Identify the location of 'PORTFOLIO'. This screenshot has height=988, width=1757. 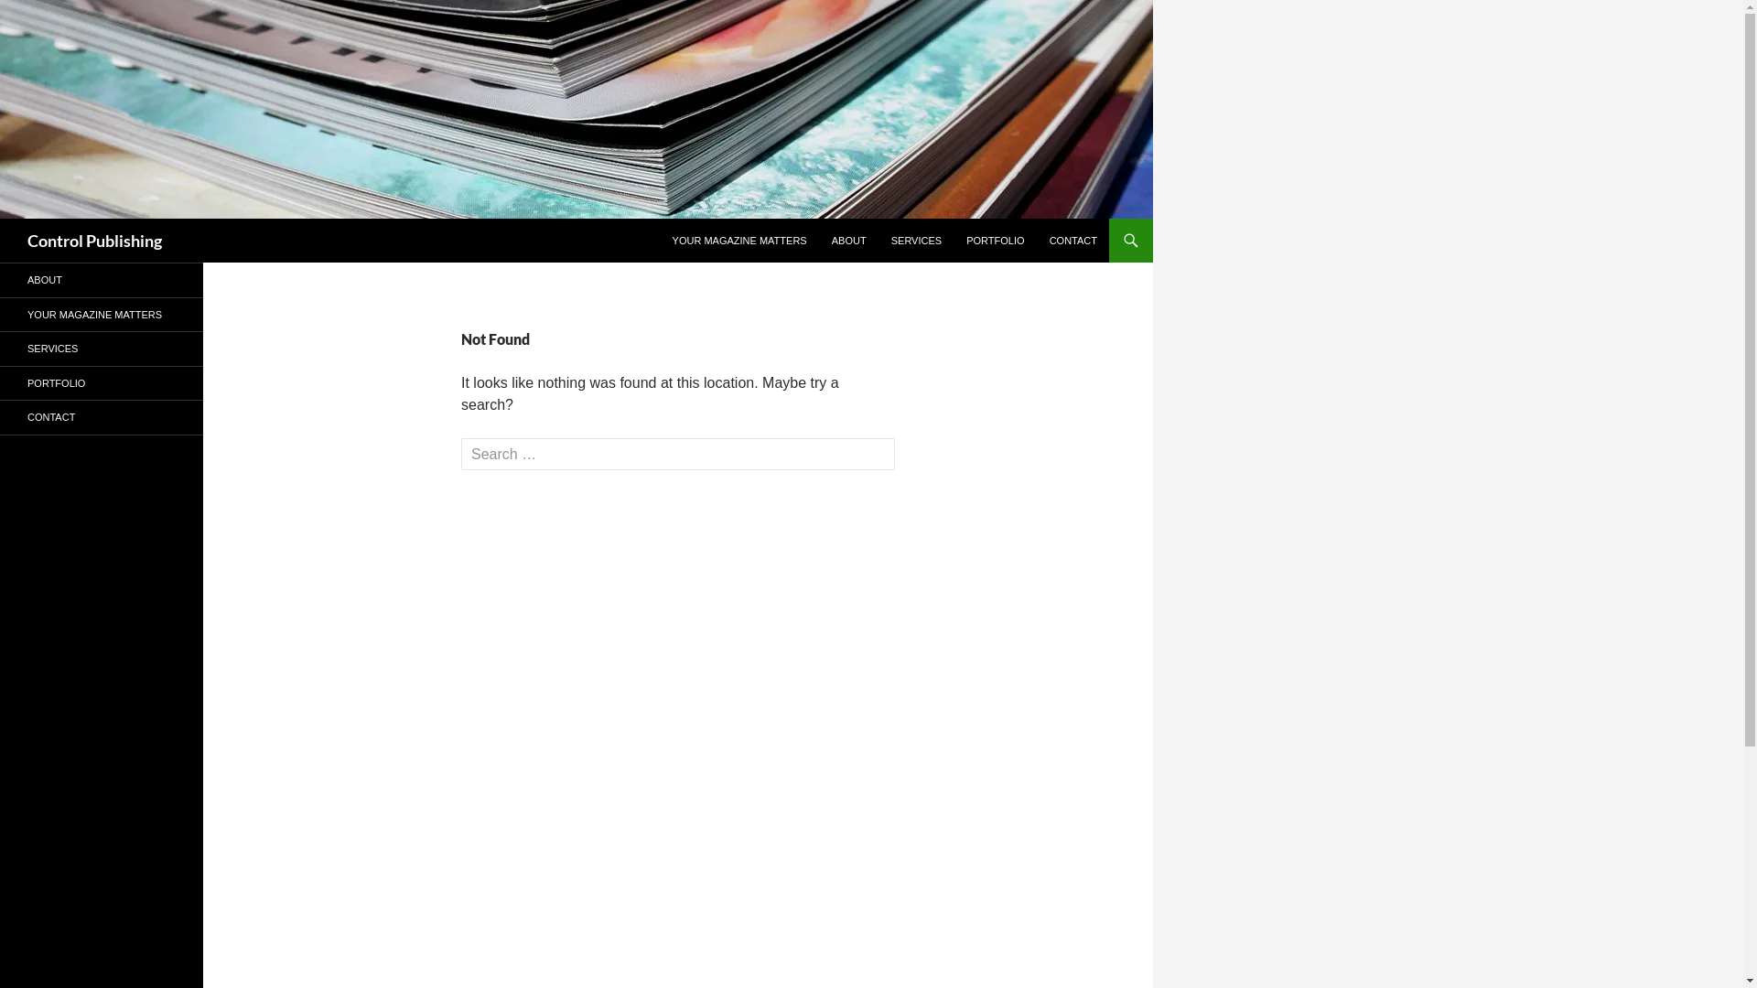
(100, 381).